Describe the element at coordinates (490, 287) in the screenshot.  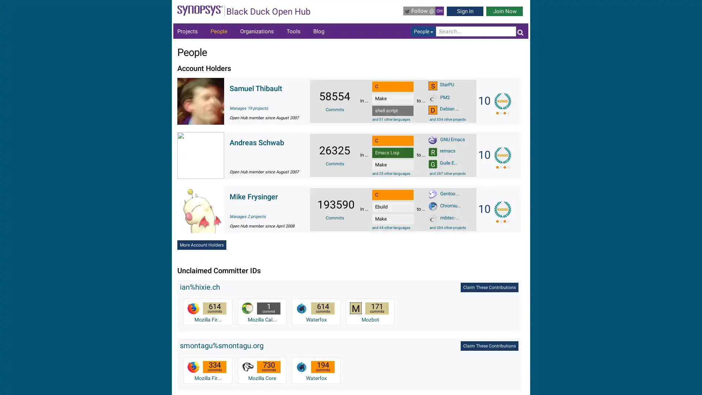
I see `Claim These Contributions` at that location.